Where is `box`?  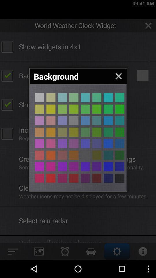 box is located at coordinates (119, 143).